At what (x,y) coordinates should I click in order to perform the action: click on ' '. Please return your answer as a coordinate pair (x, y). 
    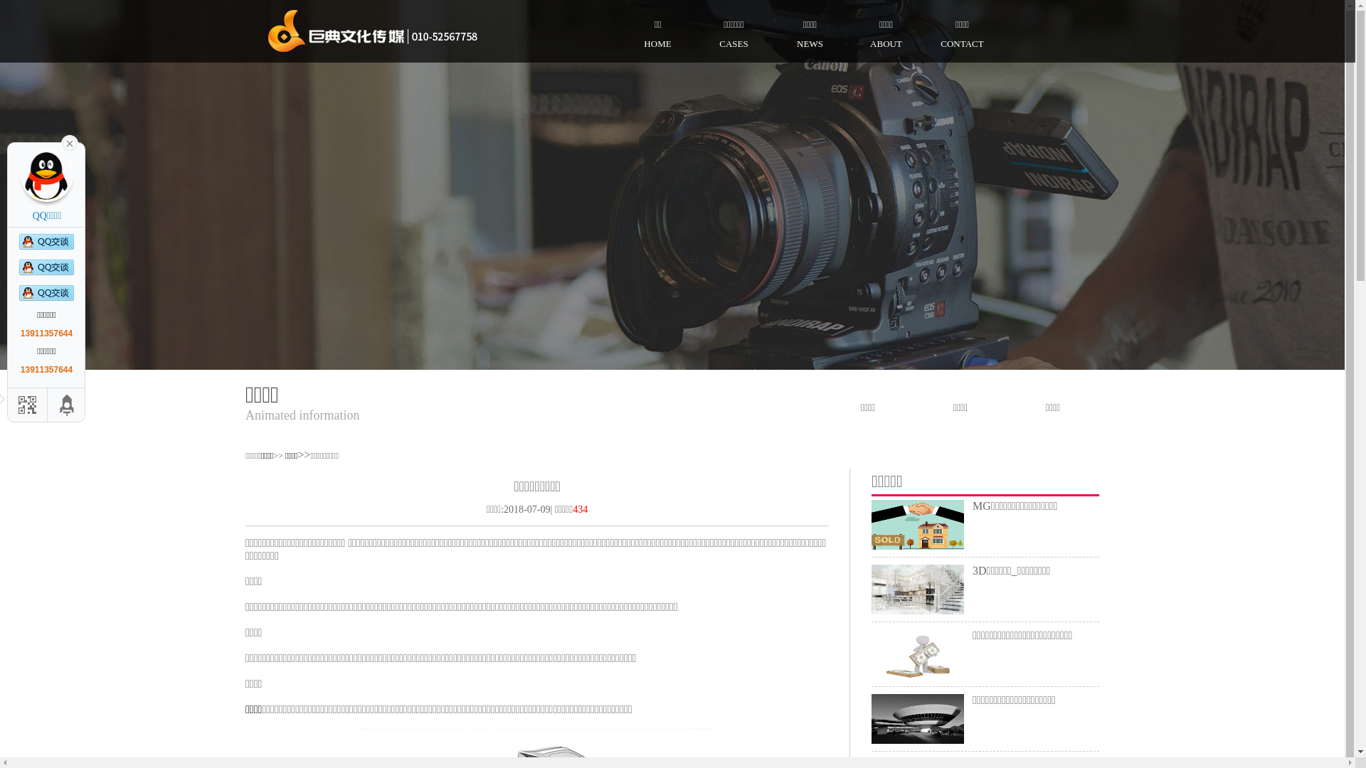
    Looking at the image, I should click on (68, 142).